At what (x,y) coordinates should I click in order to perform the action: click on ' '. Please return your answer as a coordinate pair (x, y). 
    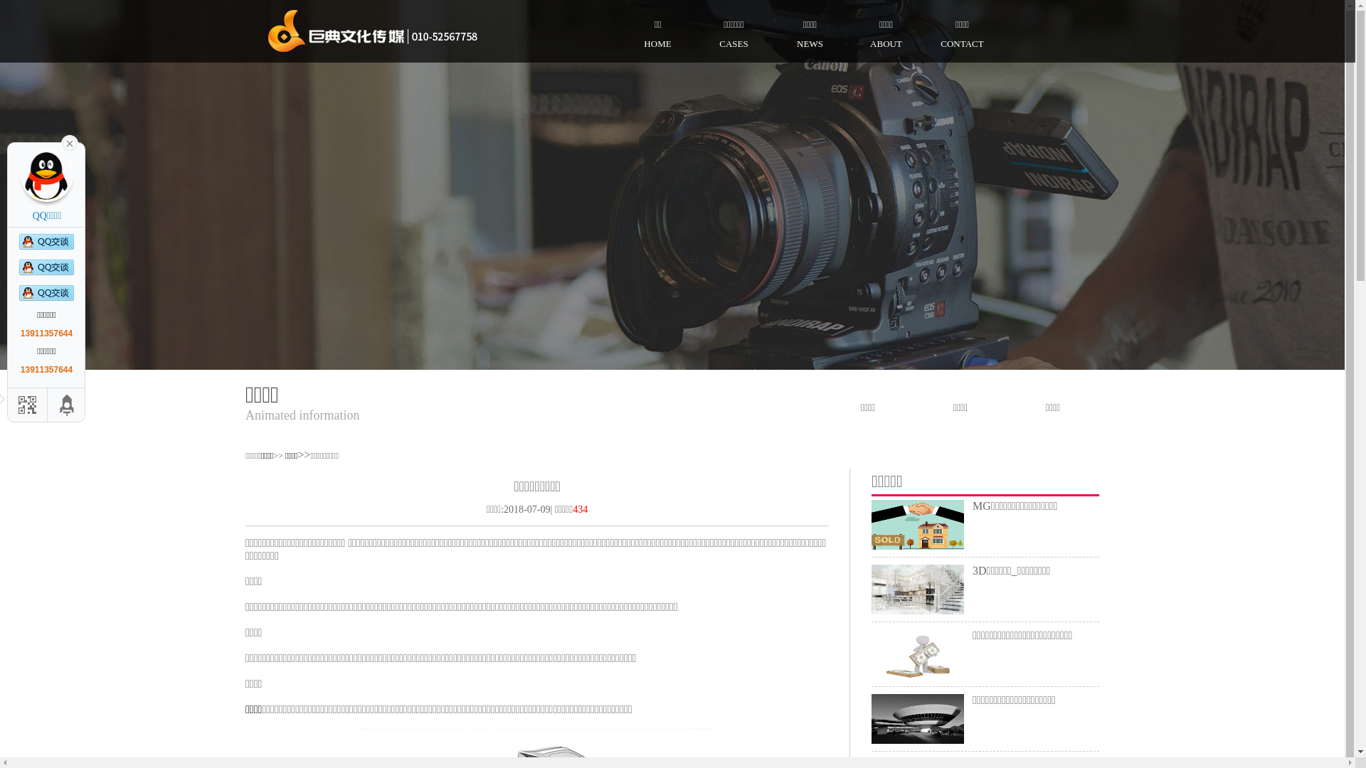
    Looking at the image, I should click on (68, 142).